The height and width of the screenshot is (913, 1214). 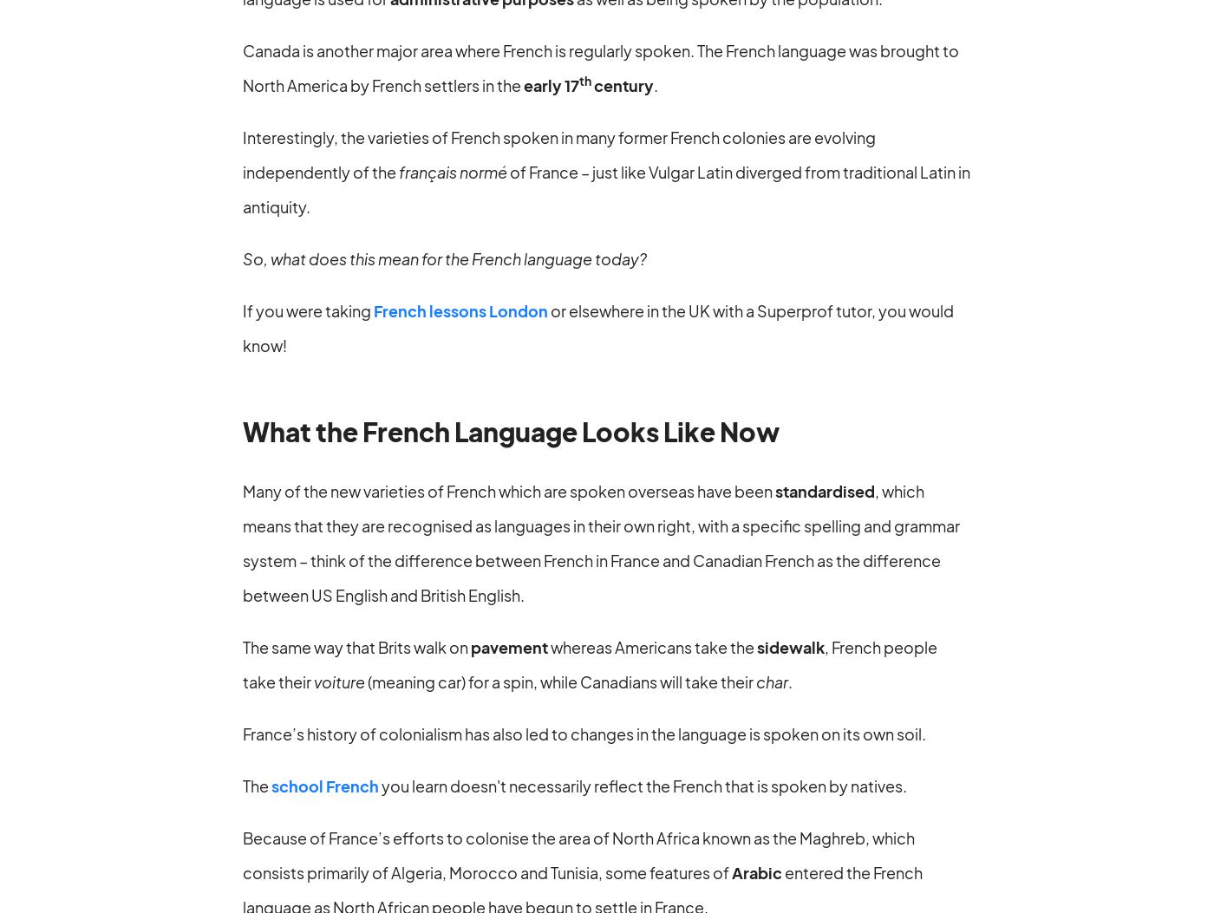 What do you see at coordinates (509, 645) in the screenshot?
I see `'pavement'` at bounding box center [509, 645].